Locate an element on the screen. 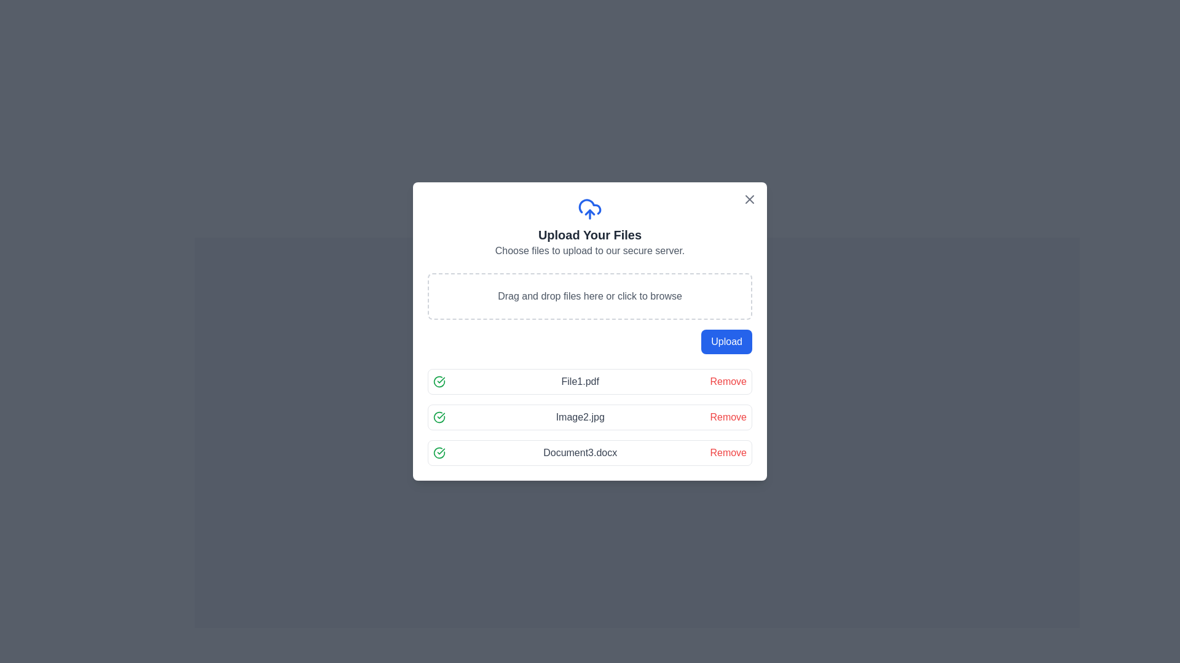 This screenshot has width=1180, height=663. the button located in the rightmost section of the row labeled 'Image2.jpg' is located at coordinates (728, 416).